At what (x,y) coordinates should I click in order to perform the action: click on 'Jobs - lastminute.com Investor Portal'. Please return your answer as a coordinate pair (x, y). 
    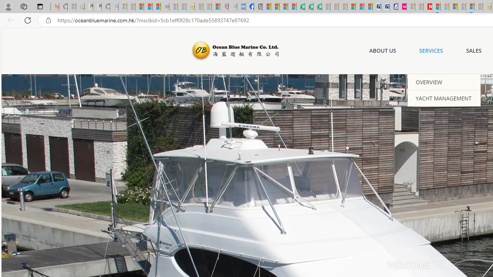
    Looking at the image, I should click on (402, 7).